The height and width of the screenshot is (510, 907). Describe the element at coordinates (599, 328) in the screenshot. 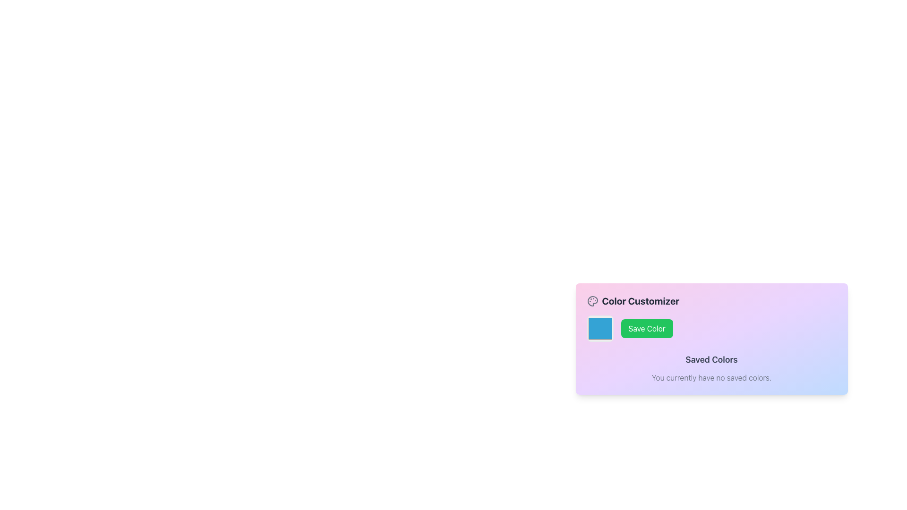

I see `the Color Picker element located to the left of the 'Save Color' button in the 'Color Customizer' section` at that location.